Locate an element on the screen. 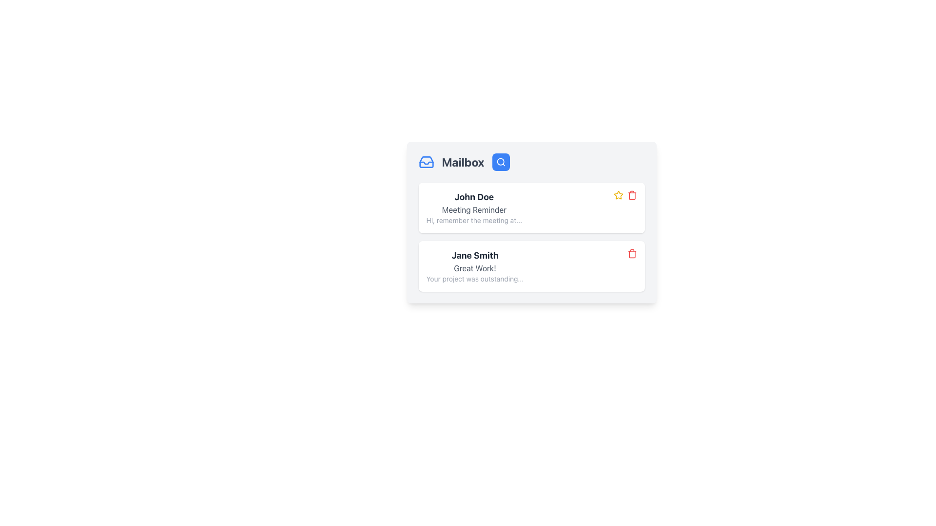  the text label displaying the author's name for the corresponding message in the 'Mailbox' section, located below the 'John Doe' entry is located at coordinates (475, 255).